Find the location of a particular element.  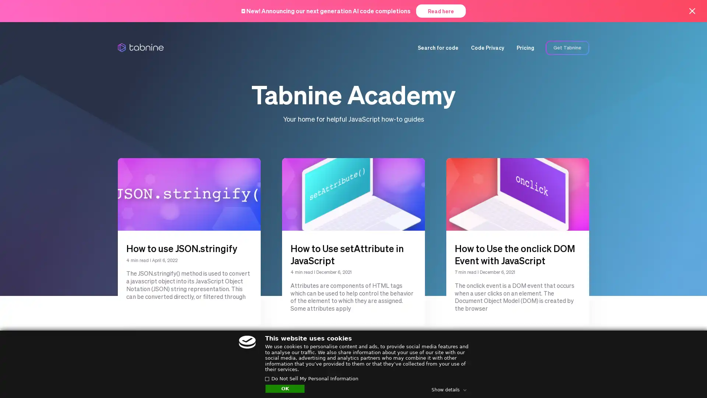

Open is located at coordinates (685, 378).